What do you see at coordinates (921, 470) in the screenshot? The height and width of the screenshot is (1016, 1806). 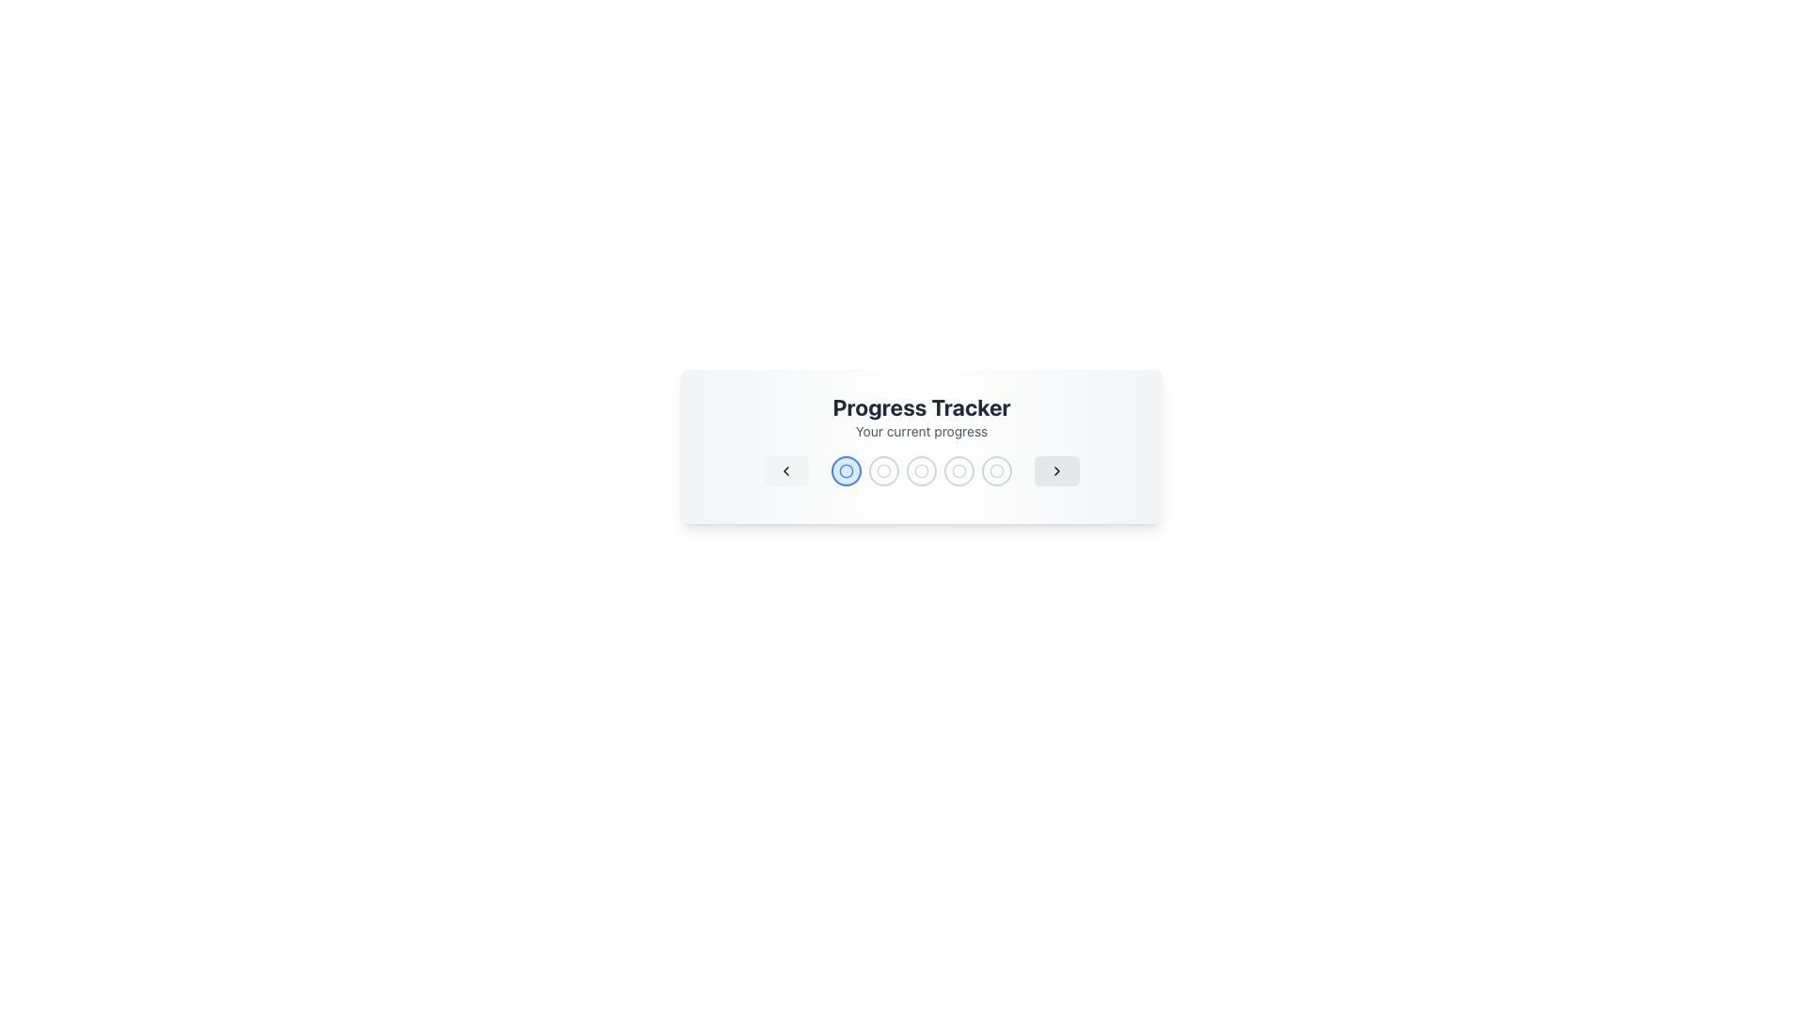 I see `the third circular progress indicator icon, which has a gray border and a lighter gray background, by clicking on it` at bounding box center [921, 470].